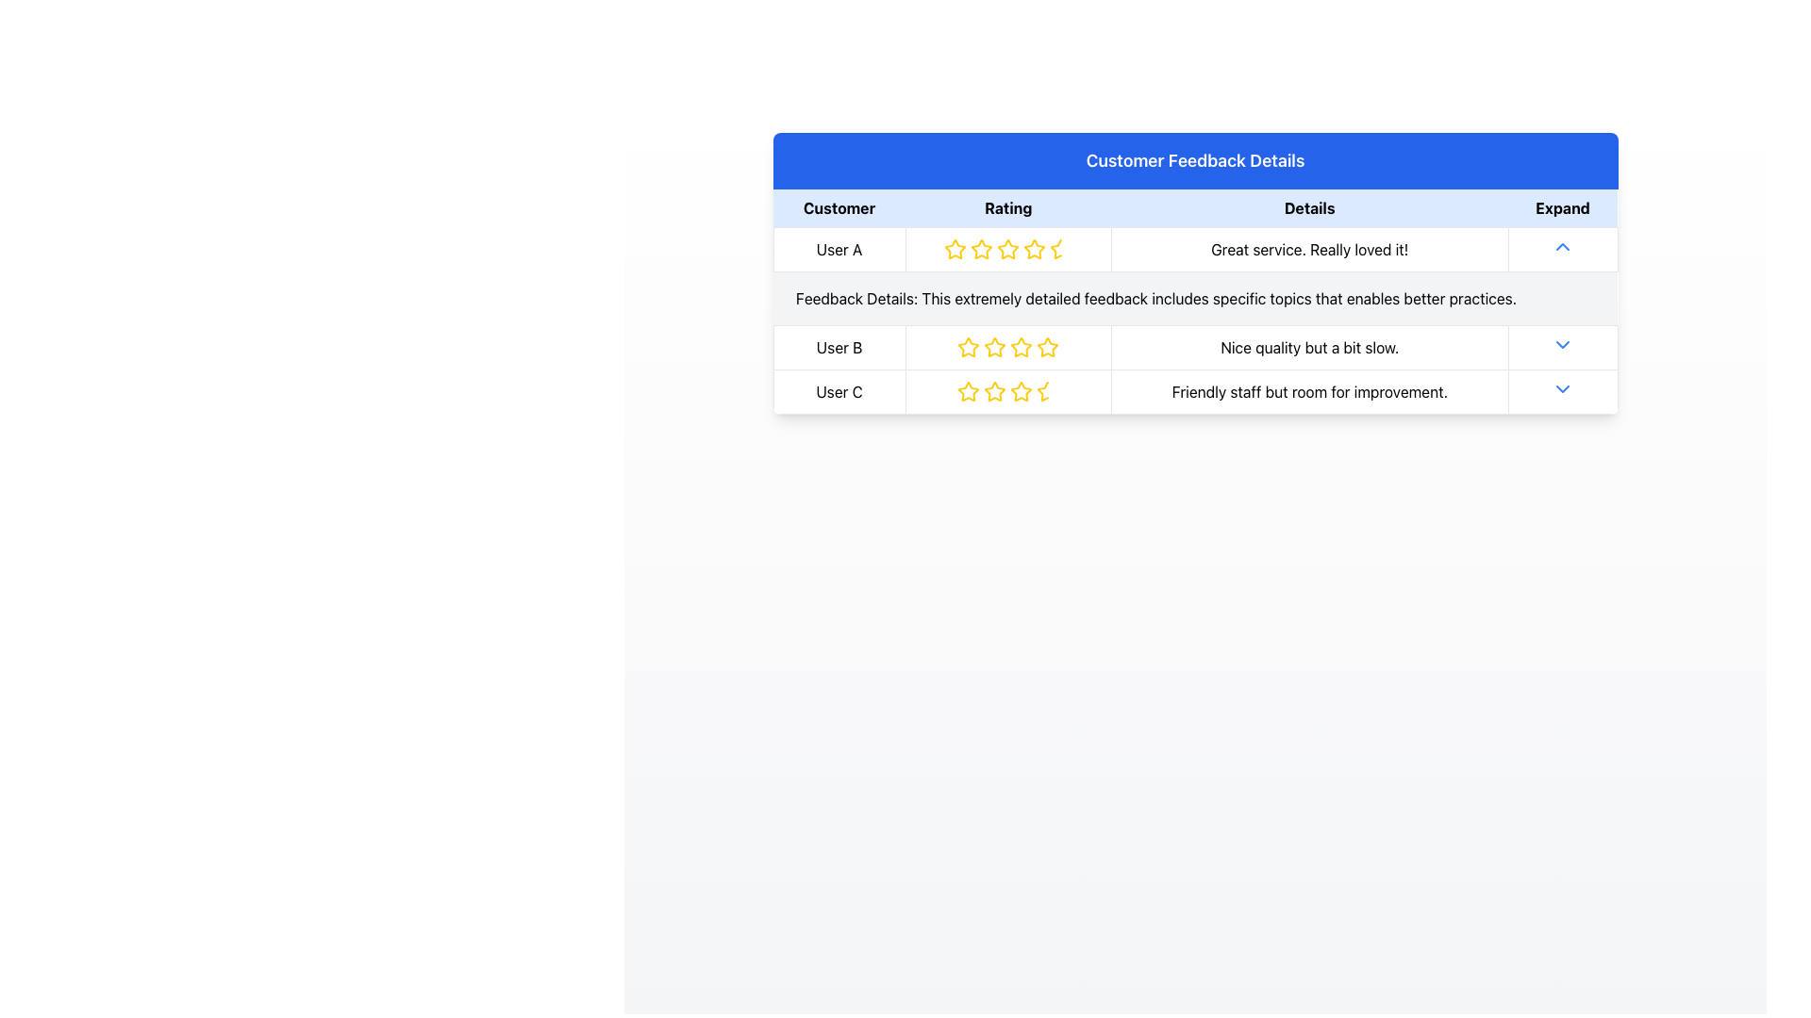 The width and height of the screenshot is (1811, 1018). Describe the element at coordinates (1007, 348) in the screenshot. I see `the non-interactive rating display represented by five yellow star icons in the 'Rating' column for 'User B'` at that location.